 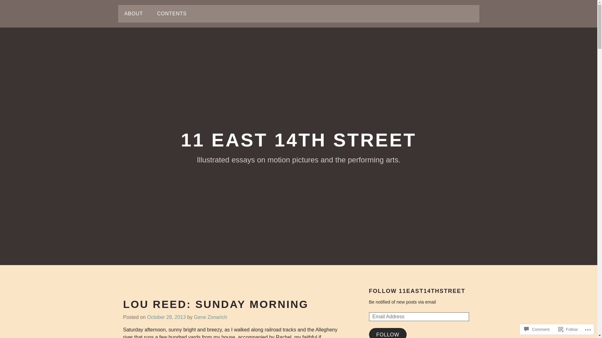 What do you see at coordinates (536, 329) in the screenshot?
I see `'Comment'` at bounding box center [536, 329].